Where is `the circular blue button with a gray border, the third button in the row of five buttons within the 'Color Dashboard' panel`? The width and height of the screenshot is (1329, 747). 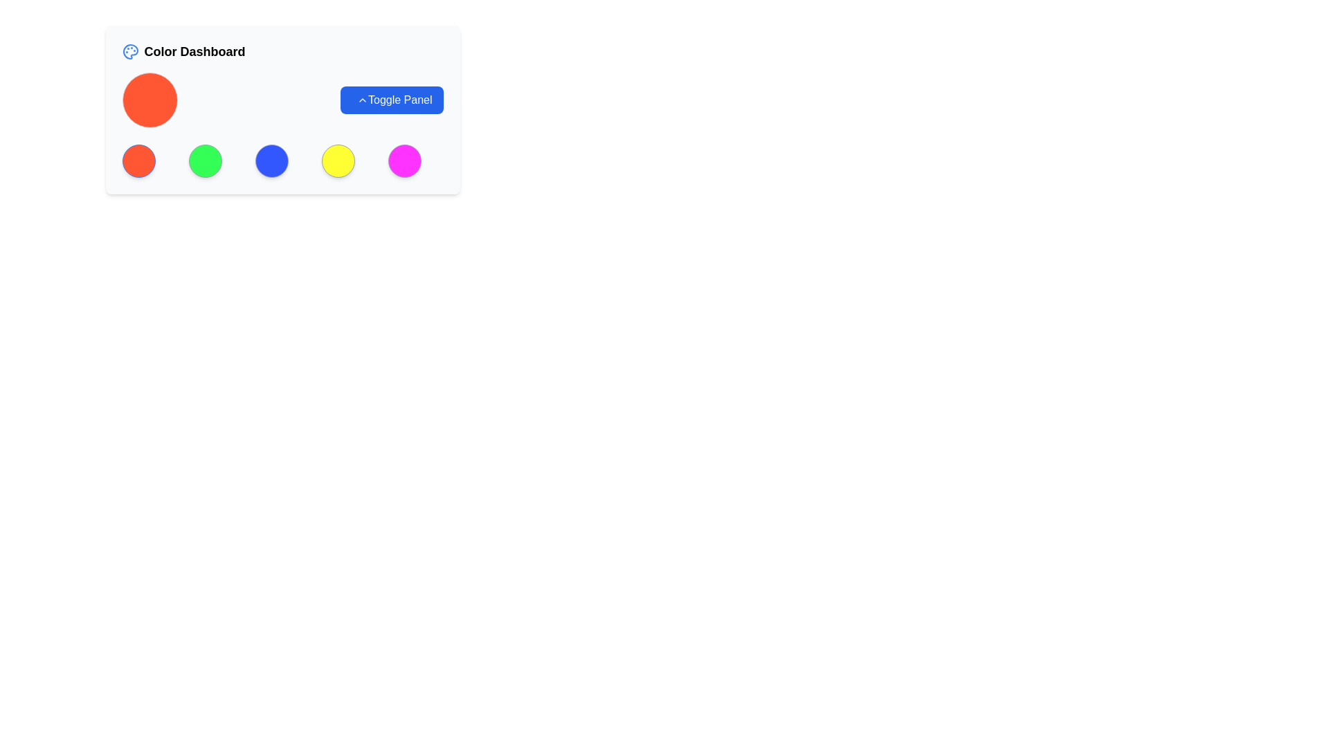
the circular blue button with a gray border, the third button in the row of five buttons within the 'Color Dashboard' panel is located at coordinates (282, 160).